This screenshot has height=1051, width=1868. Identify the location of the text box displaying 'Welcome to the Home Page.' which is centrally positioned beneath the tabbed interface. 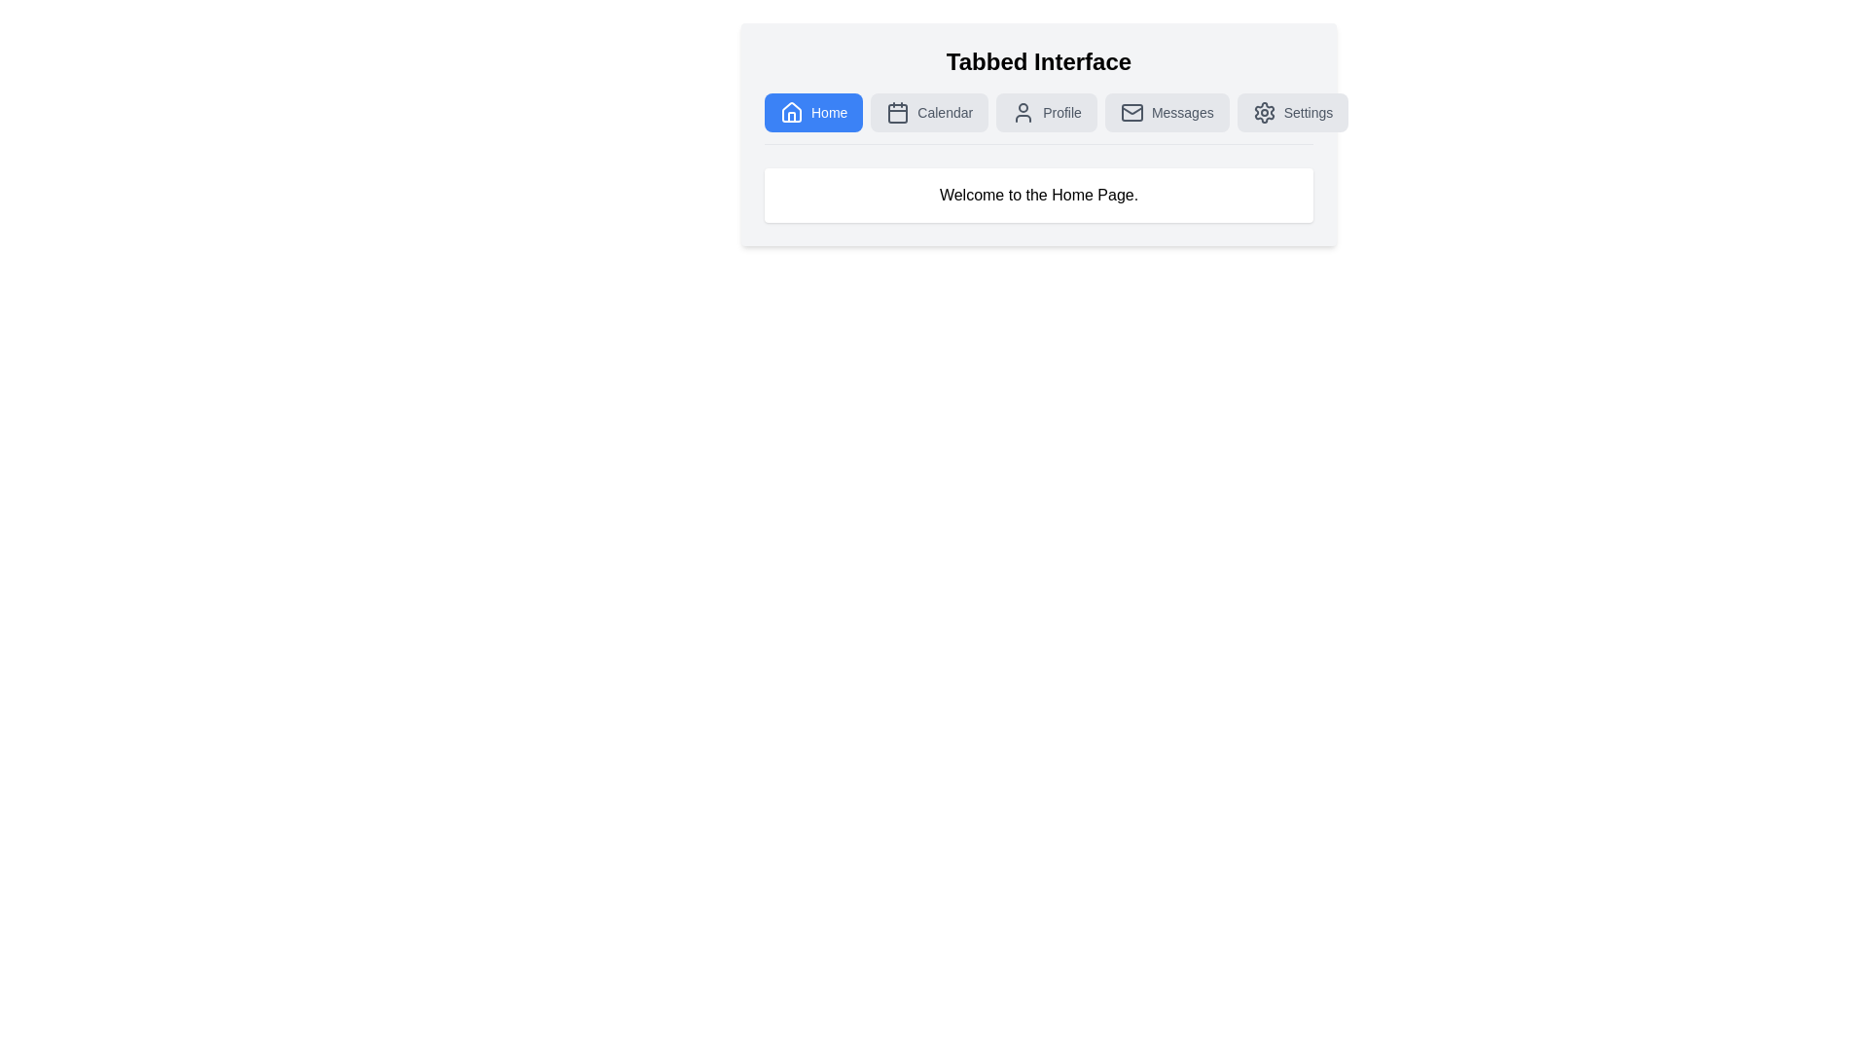
(1038, 195).